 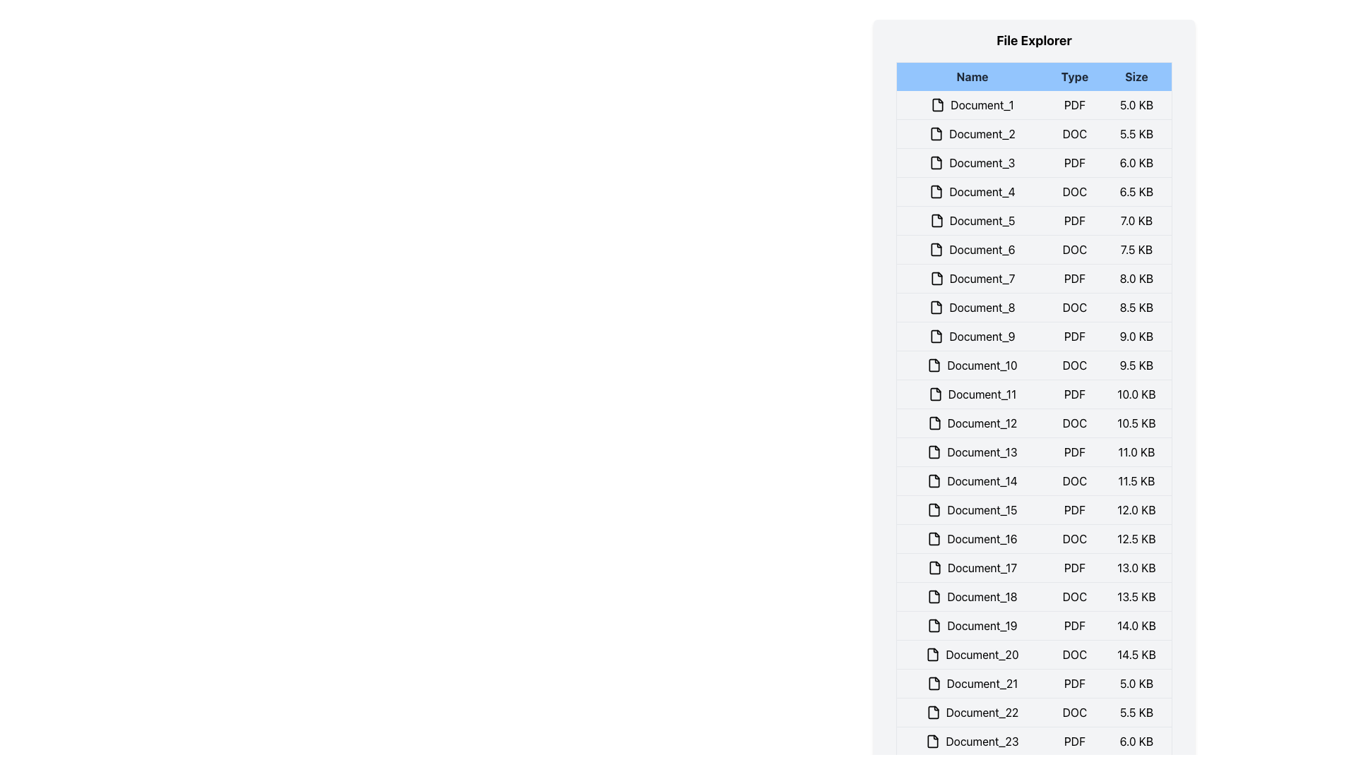 What do you see at coordinates (1073, 538) in the screenshot?
I see `the 'DOC' label, which is a text label in the 'Type' column of a file list, positioned between the file name 'Document_16' and size '12.5 KB'` at bounding box center [1073, 538].